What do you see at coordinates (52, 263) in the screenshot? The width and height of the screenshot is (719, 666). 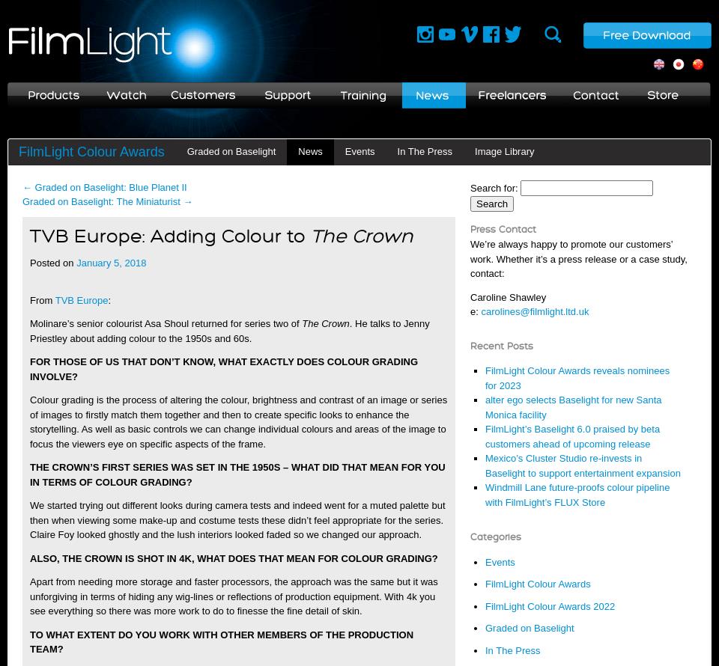 I see `'Posted on'` at bounding box center [52, 263].